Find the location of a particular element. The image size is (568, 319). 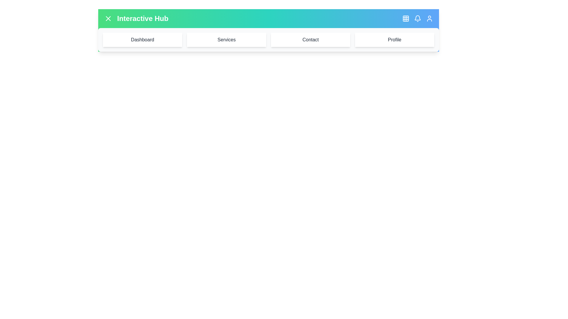

the title text 'Interactive Hub' to interact with it is located at coordinates (142, 18).